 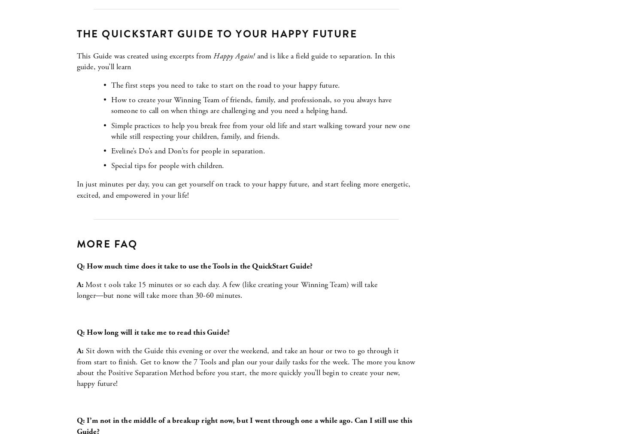 What do you see at coordinates (76, 289) in the screenshot?
I see `'Most t ools take 15 minutes or so each day. A few (like creating your Winning Team) will take longer―but none will take more than 30-60 minutes.'` at bounding box center [76, 289].